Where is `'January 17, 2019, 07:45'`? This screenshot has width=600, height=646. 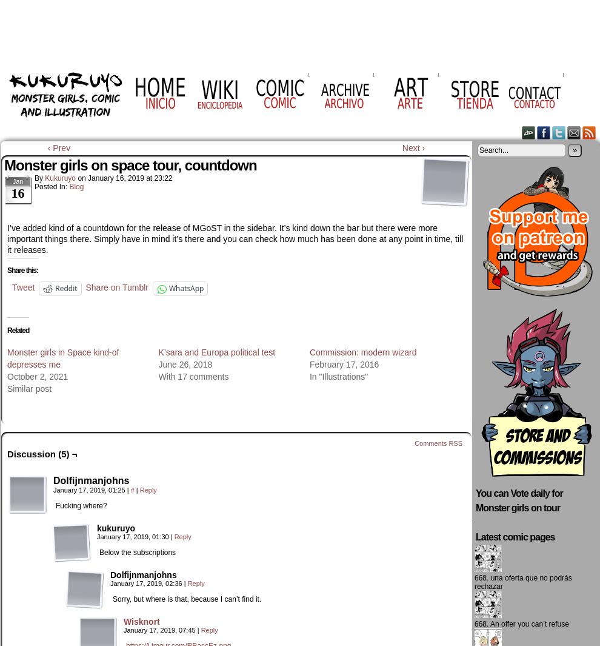
'January 17, 2019, 07:45' is located at coordinates (160, 630).